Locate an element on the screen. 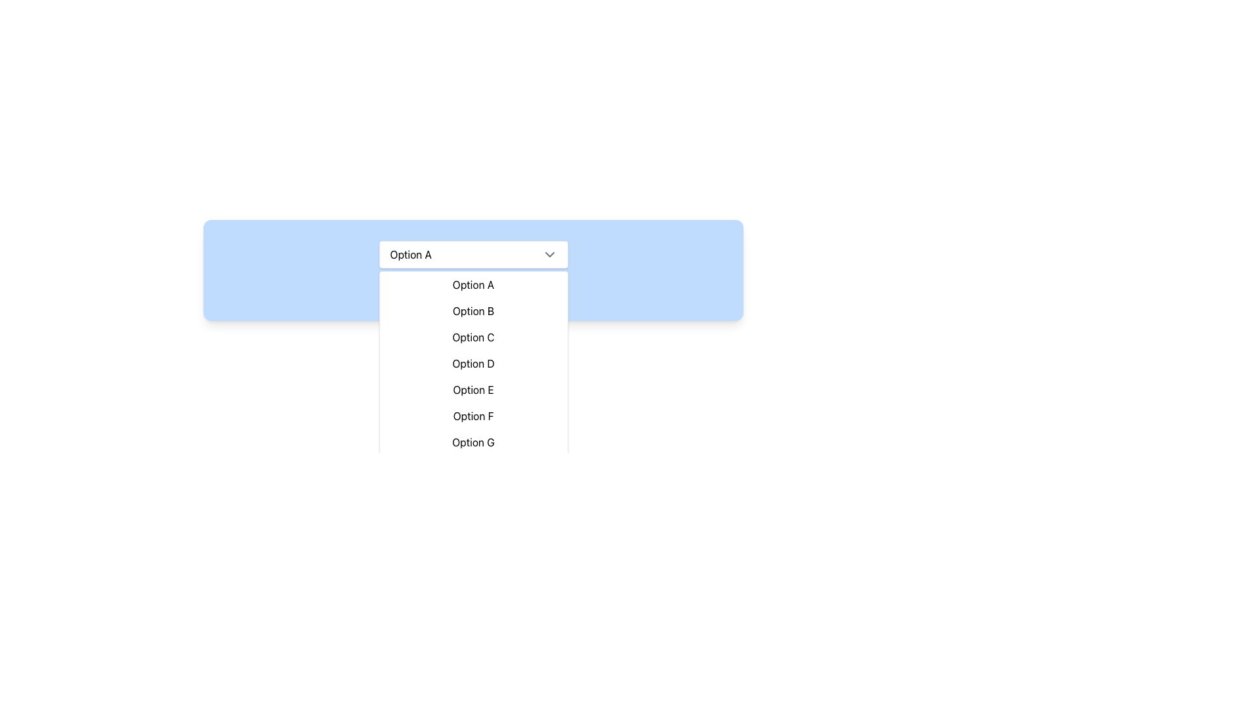 Image resolution: width=1260 pixels, height=709 pixels. the chevron down SVG icon located at the far right of the dropdown button labeled 'Option A' is located at coordinates (549, 255).